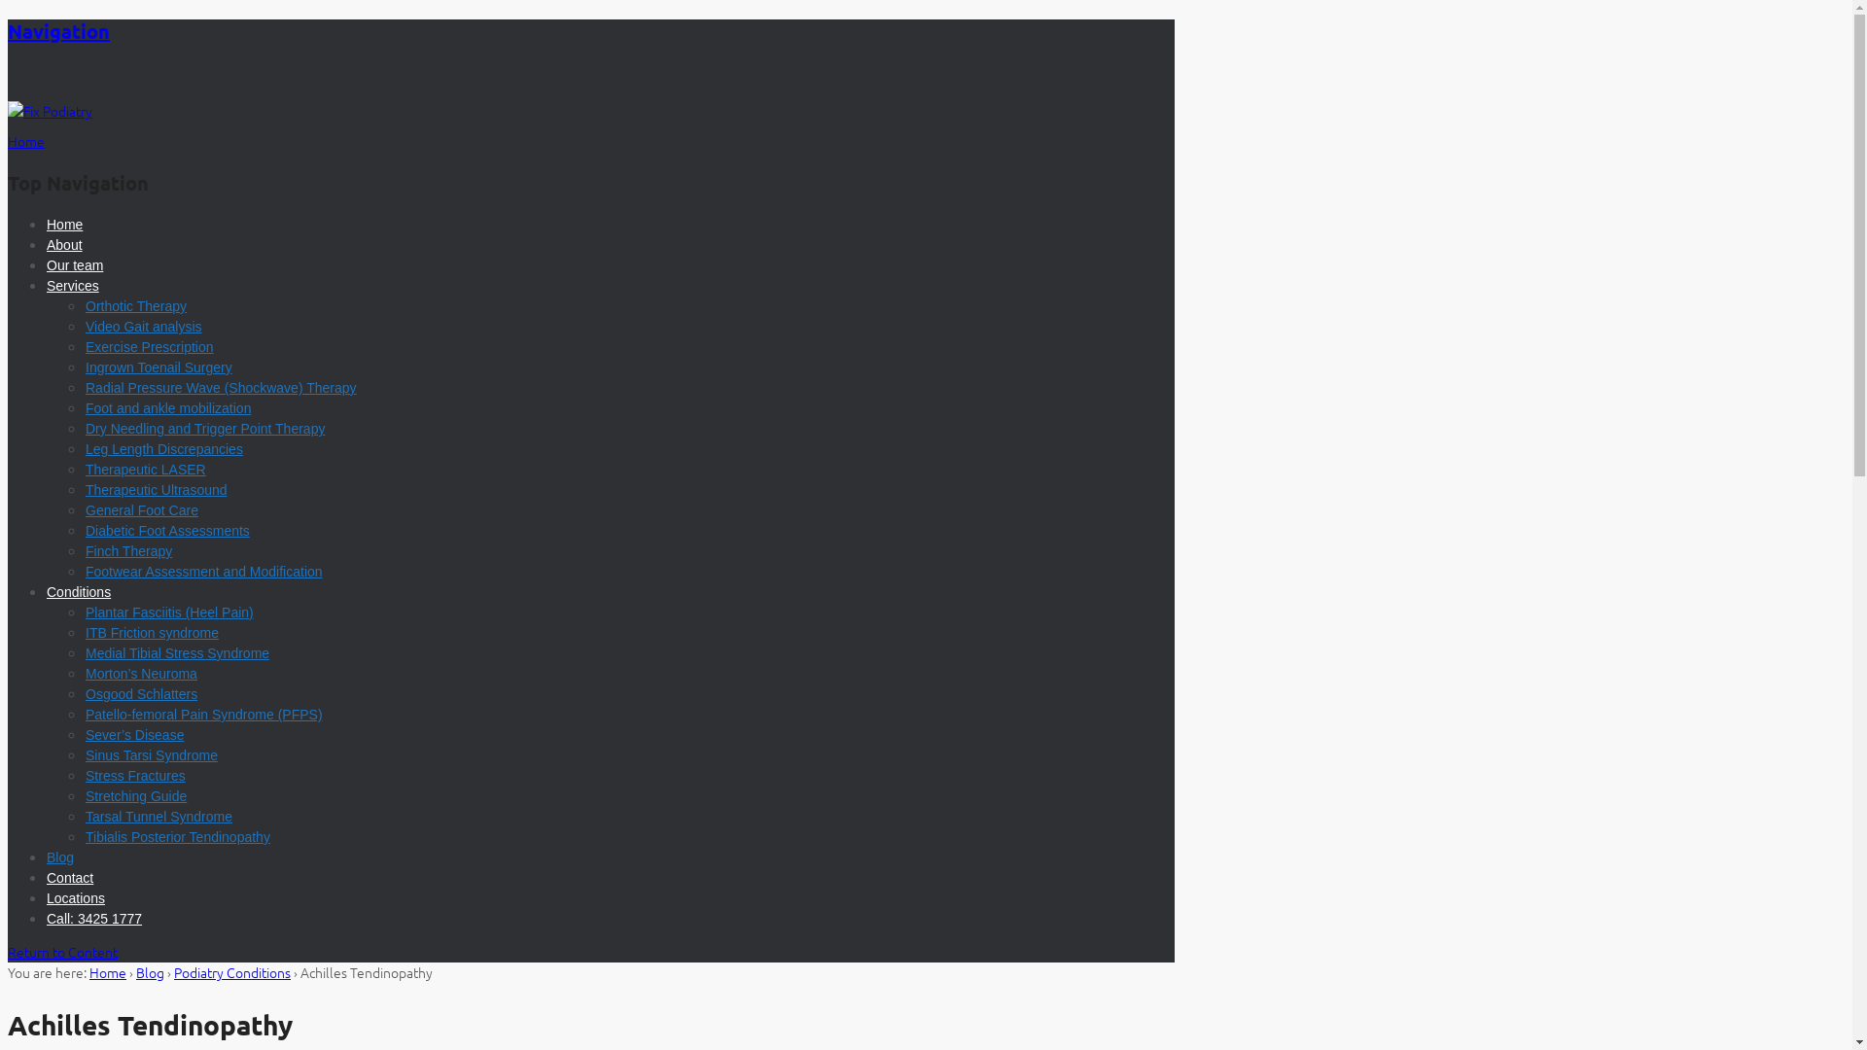 This screenshot has width=1867, height=1050. I want to click on 'Ingrown Toenail Surgery', so click(84, 367).